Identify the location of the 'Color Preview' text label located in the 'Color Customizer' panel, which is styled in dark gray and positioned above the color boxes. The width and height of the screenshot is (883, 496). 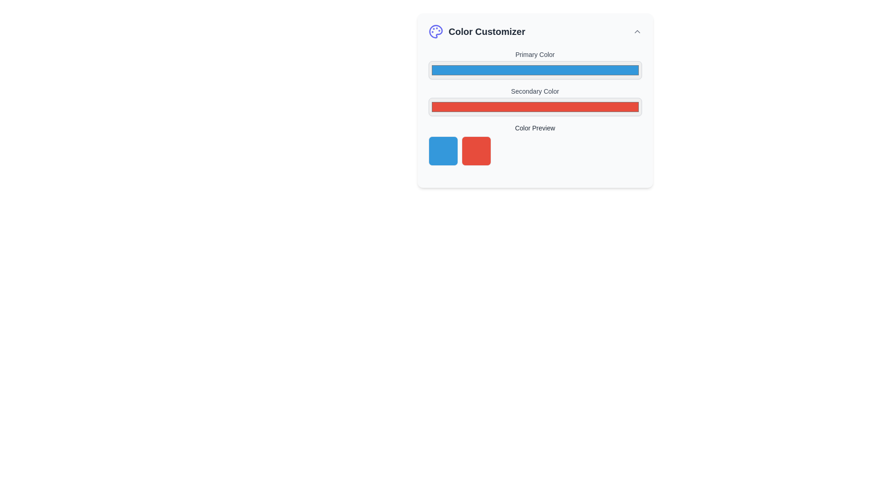
(535, 128).